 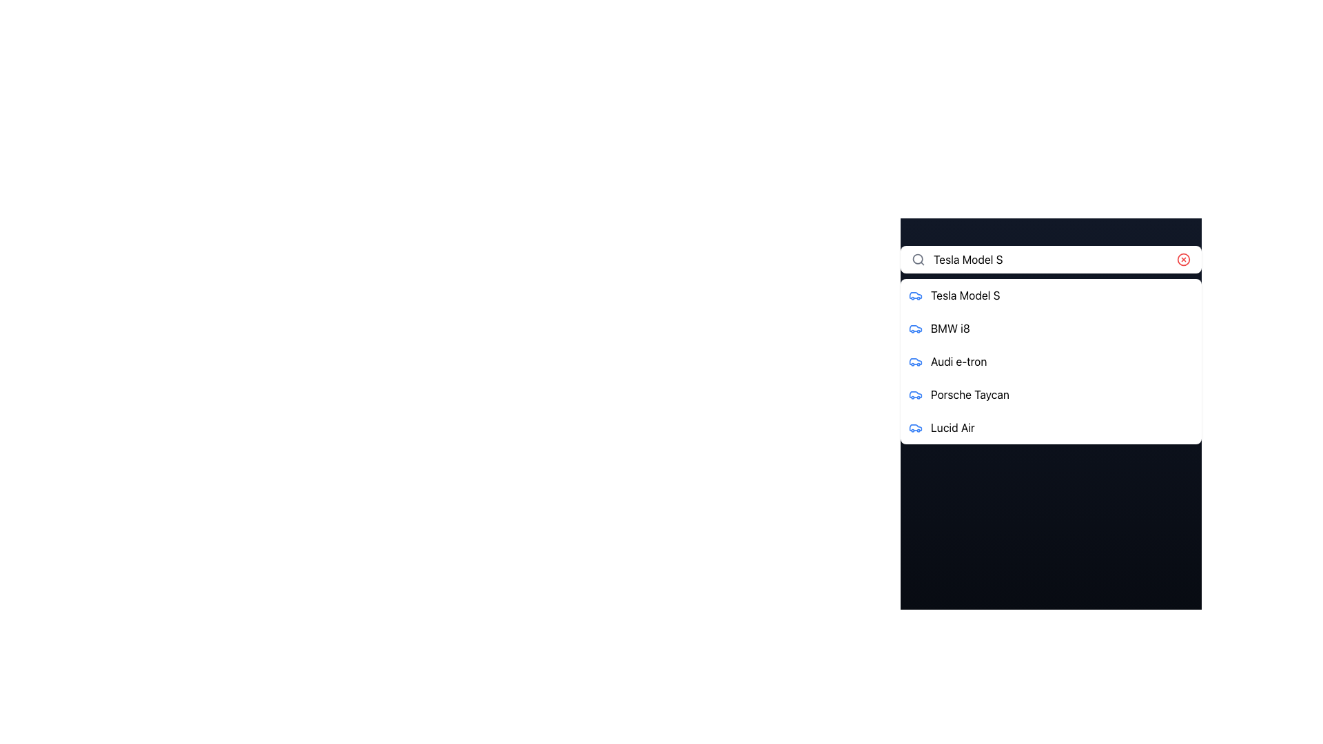 I want to click on properties of the icon representing the menu item labeled 'Lucid Air', which is the leftmost item in the fifth row of the vertical list, so click(x=916, y=427).